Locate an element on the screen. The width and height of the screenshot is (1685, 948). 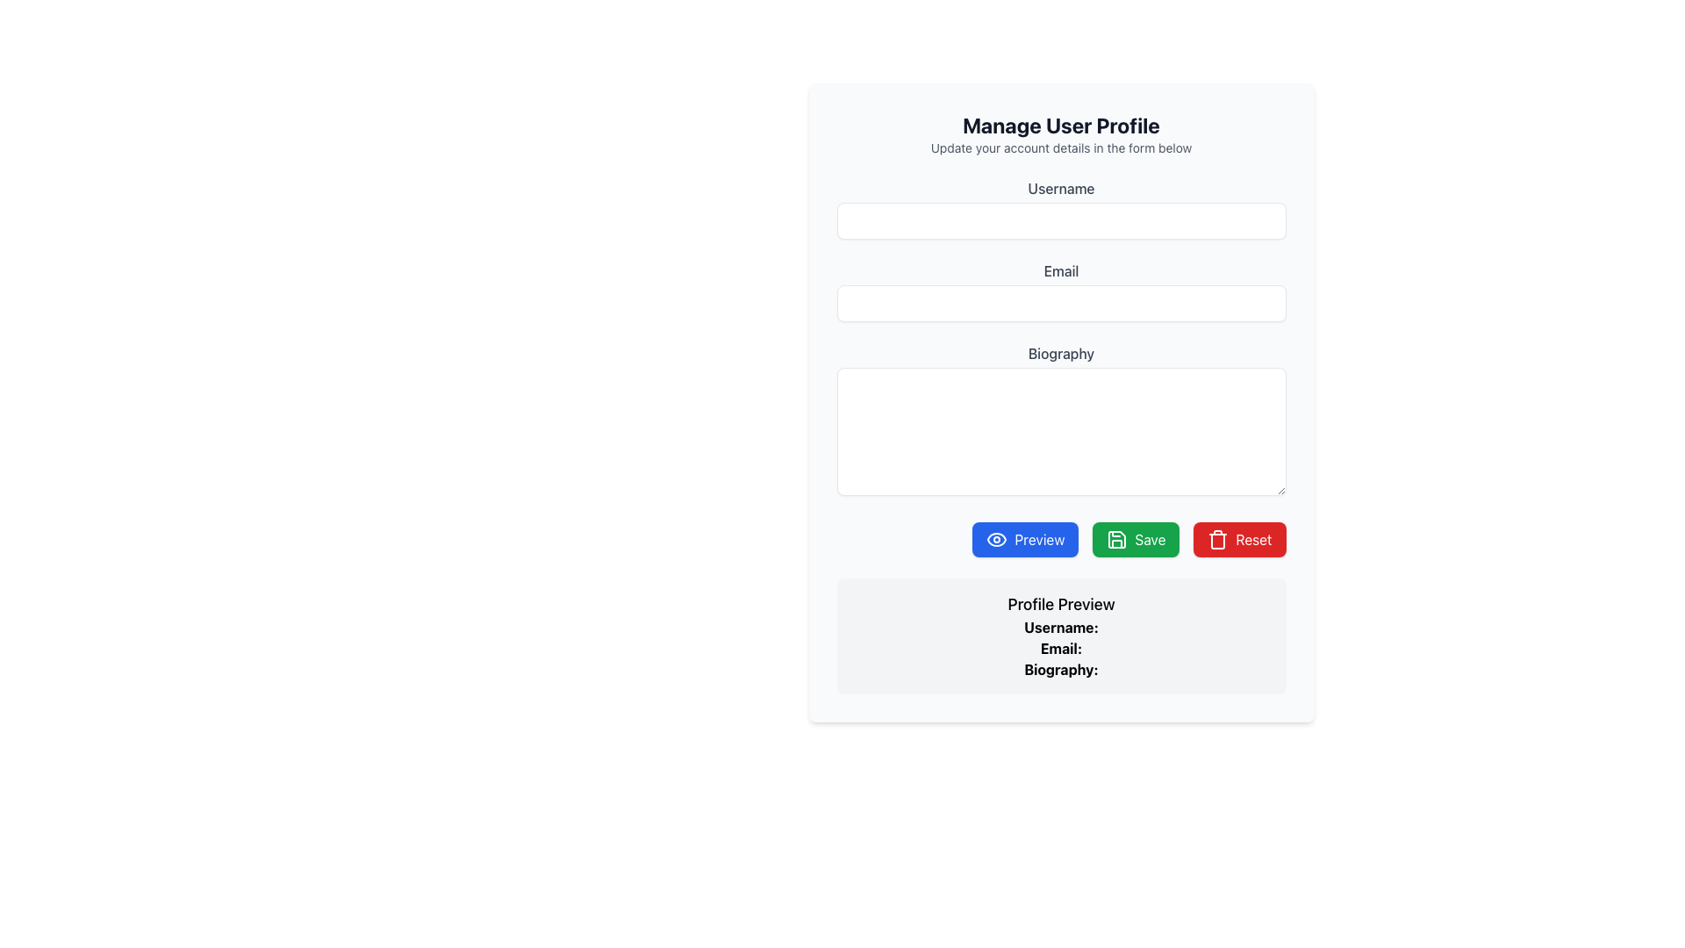
text within the multi-line text area input that is styled with rounded corners and a shadow effect, located beneath the 'Biography' label in the profile management form is located at coordinates (1060, 432).